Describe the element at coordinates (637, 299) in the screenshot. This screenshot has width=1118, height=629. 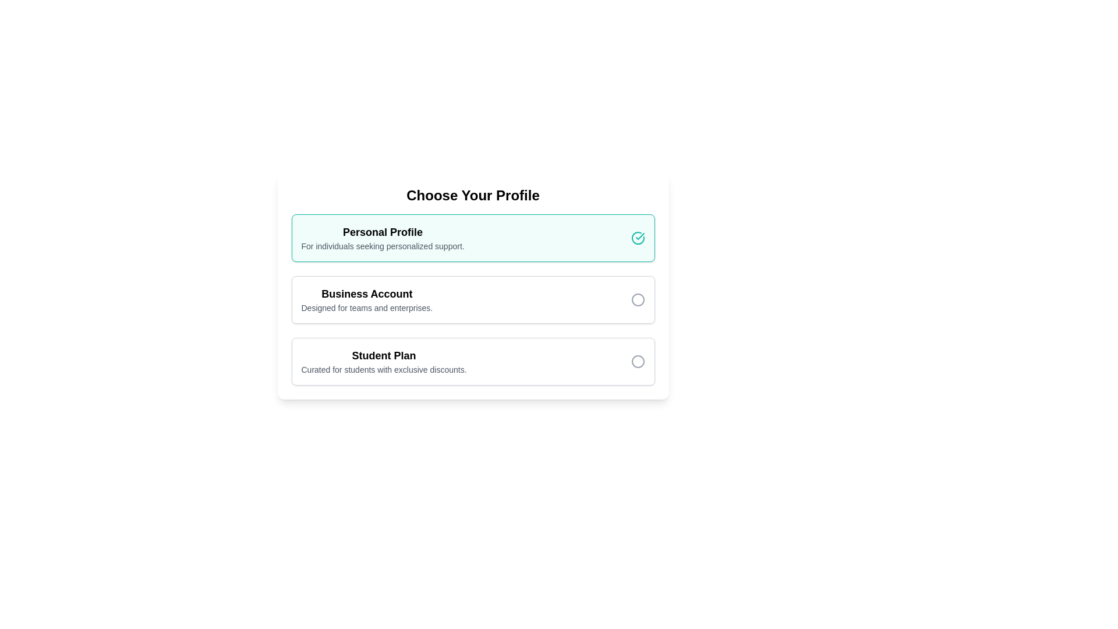
I see `the circular radio button with a thick border that is hollow and gray, located at the far-right end of the 'Business Account' option card` at that location.